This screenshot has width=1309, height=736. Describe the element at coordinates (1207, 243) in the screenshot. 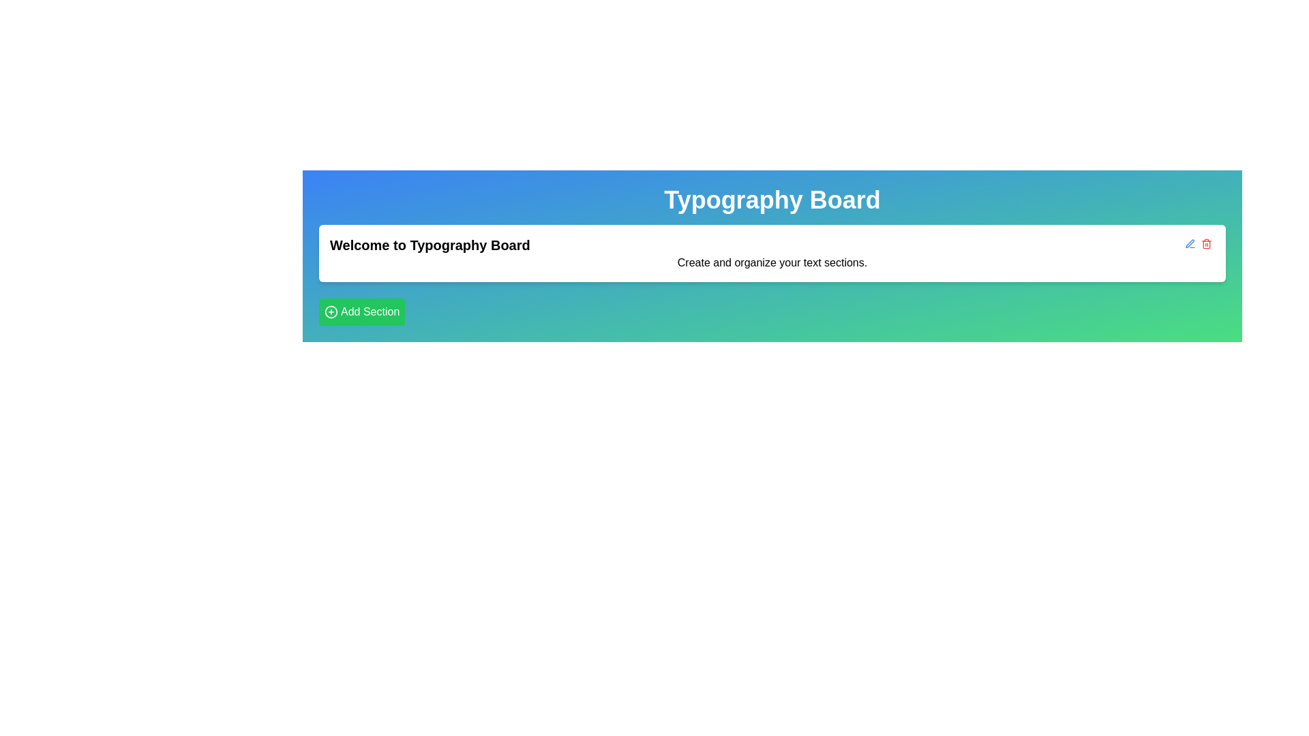

I see `code of the trashcan icon component, which is part of the SVG image and serves as the delete action affordance, using developer tools` at that location.